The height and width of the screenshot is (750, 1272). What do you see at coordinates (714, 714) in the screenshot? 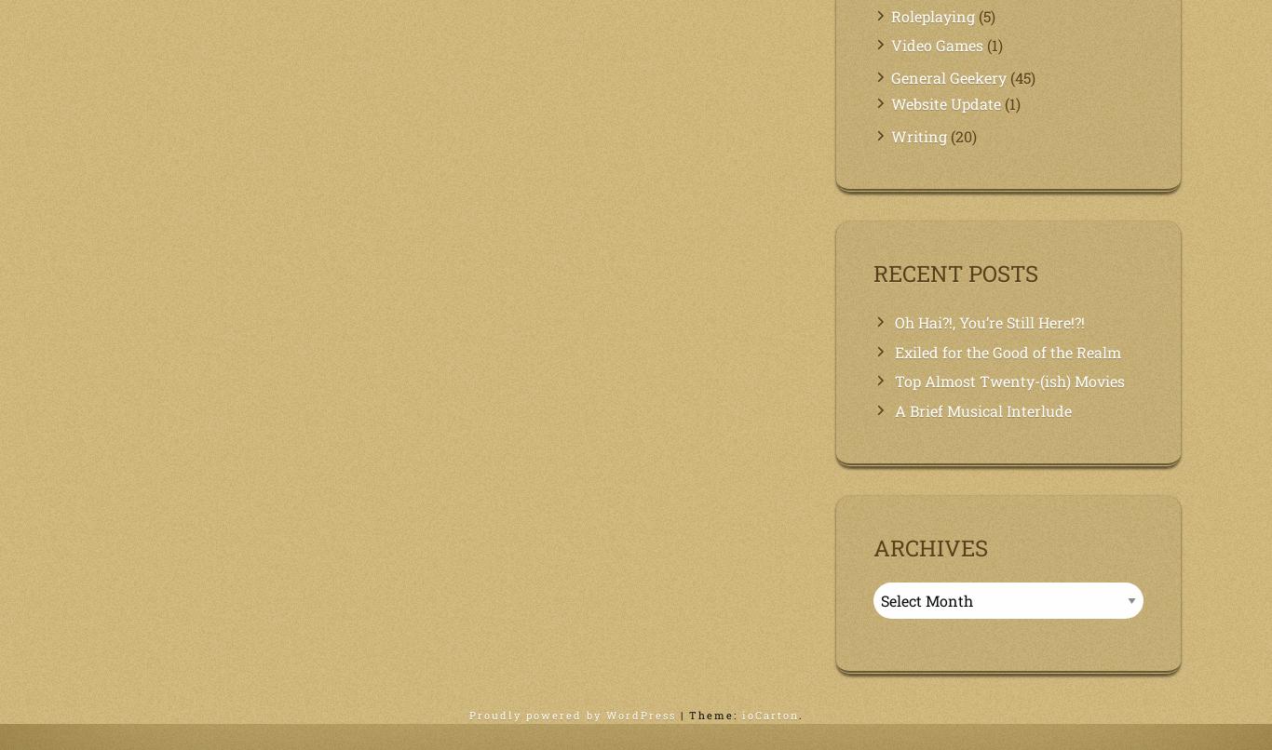
I see `'Theme:'` at bounding box center [714, 714].